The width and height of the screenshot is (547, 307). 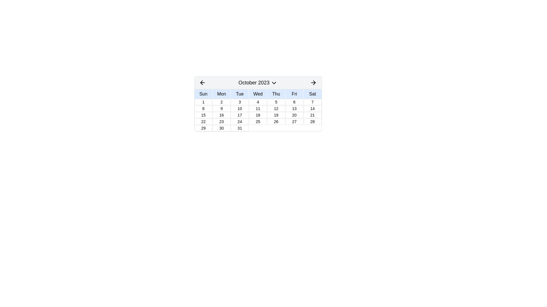 What do you see at coordinates (240, 101) in the screenshot?
I see `the Calendar Date Item displaying the date '3'` at bounding box center [240, 101].